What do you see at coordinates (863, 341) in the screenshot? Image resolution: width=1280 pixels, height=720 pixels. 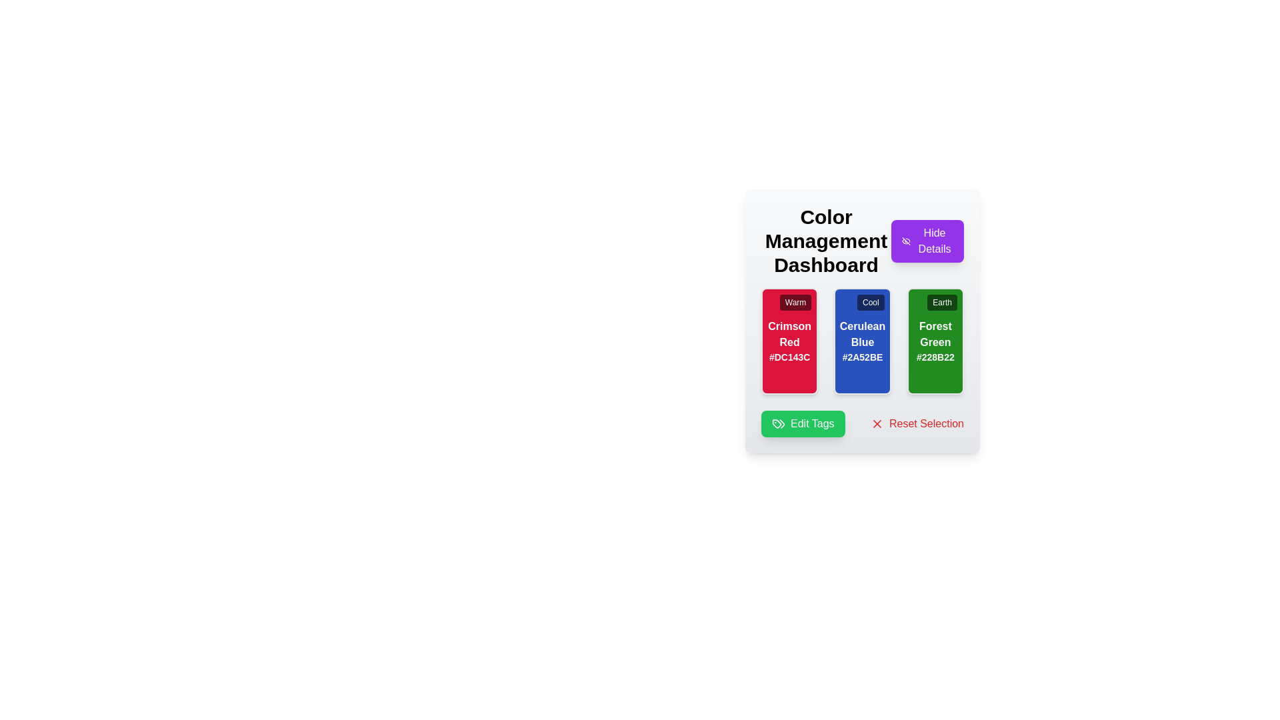 I see `the Cerulean Blue color swatch card, which is the middle card in a horizontal arrangement of three cards` at bounding box center [863, 341].